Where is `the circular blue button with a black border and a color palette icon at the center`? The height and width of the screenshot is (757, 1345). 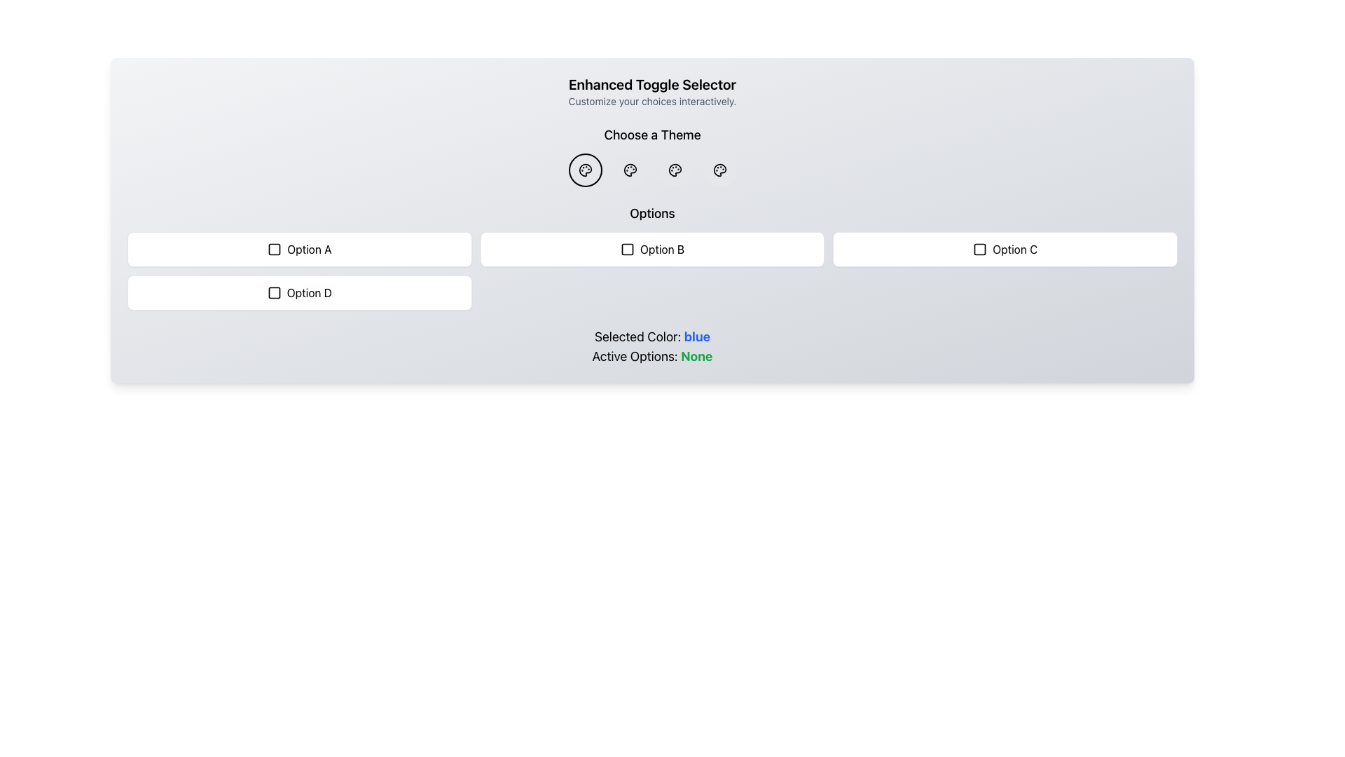
the circular blue button with a black border and a color palette icon at the center is located at coordinates (585, 170).